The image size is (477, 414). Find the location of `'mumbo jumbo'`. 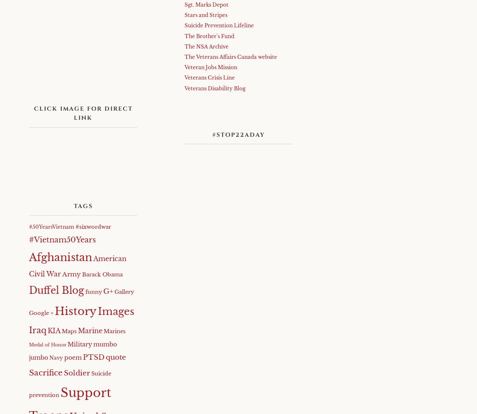

'mumbo jumbo' is located at coordinates (72, 351).